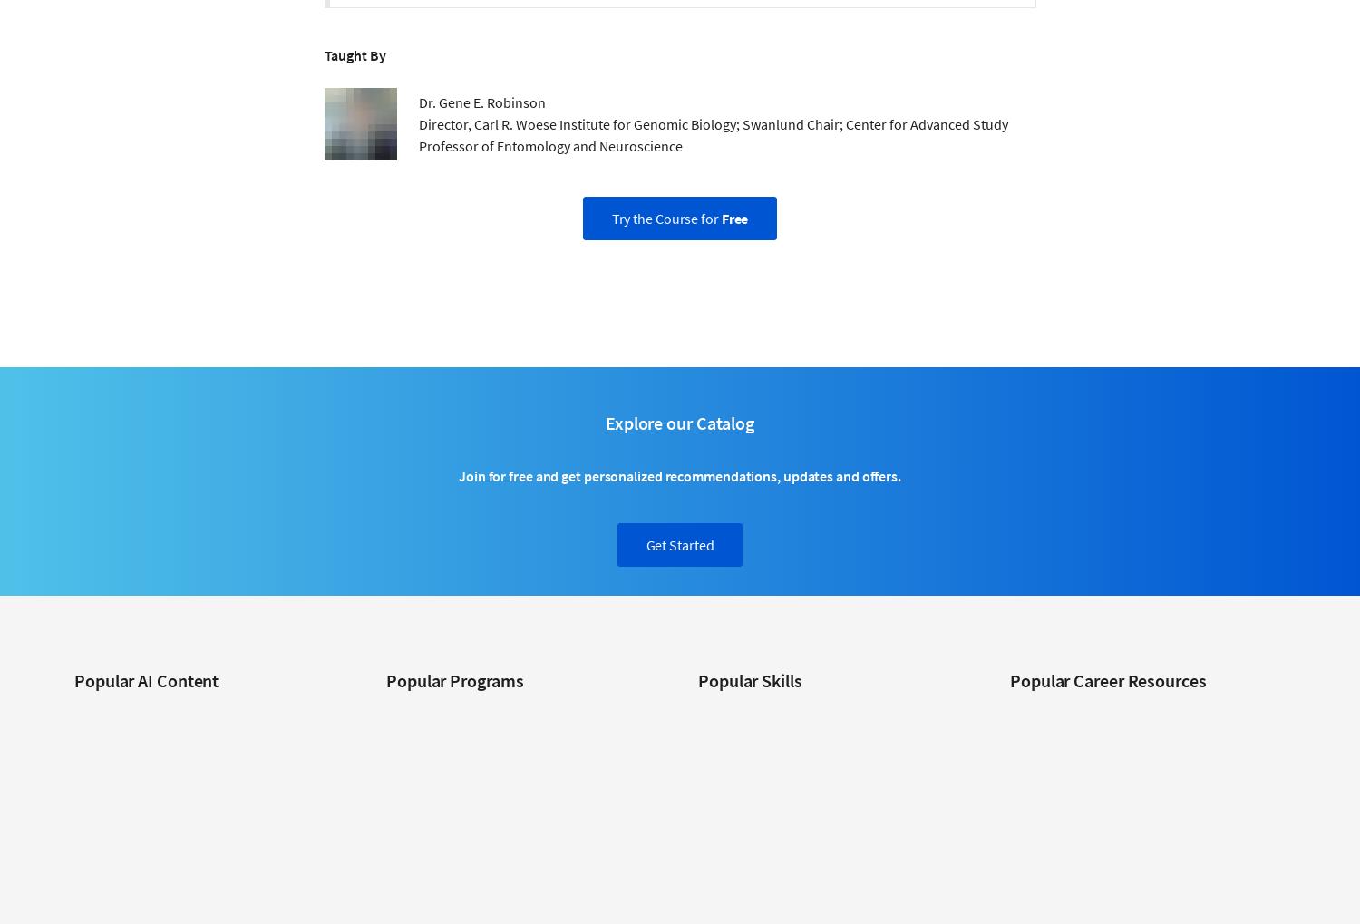 This screenshot has width=1360, height=924. Describe the element at coordinates (385, 857) in the screenshot. I see `'Google IT Support Professional Certificate'` at that location.